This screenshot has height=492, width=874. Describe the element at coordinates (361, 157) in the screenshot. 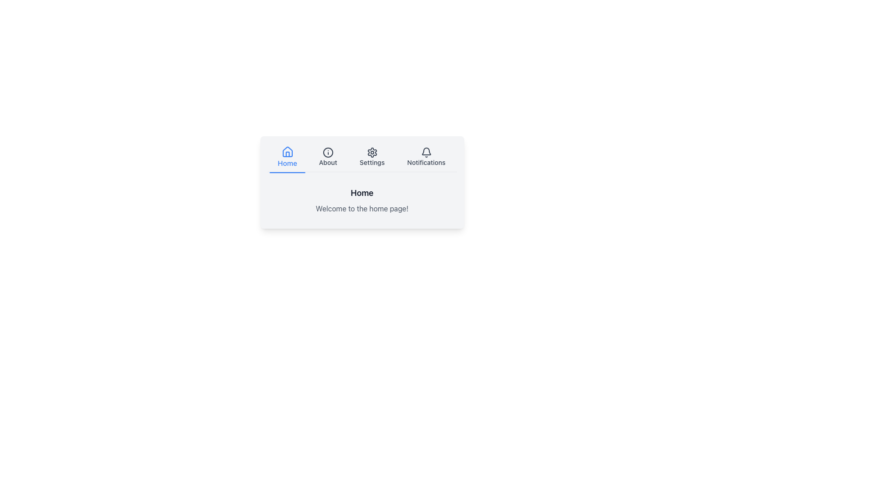

I see `the third button in the horizontal navigation bar` at that location.